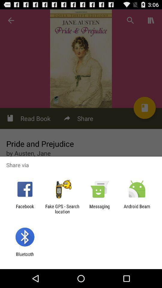 This screenshot has width=162, height=288. Describe the element at coordinates (100, 209) in the screenshot. I see `messaging icon` at that location.